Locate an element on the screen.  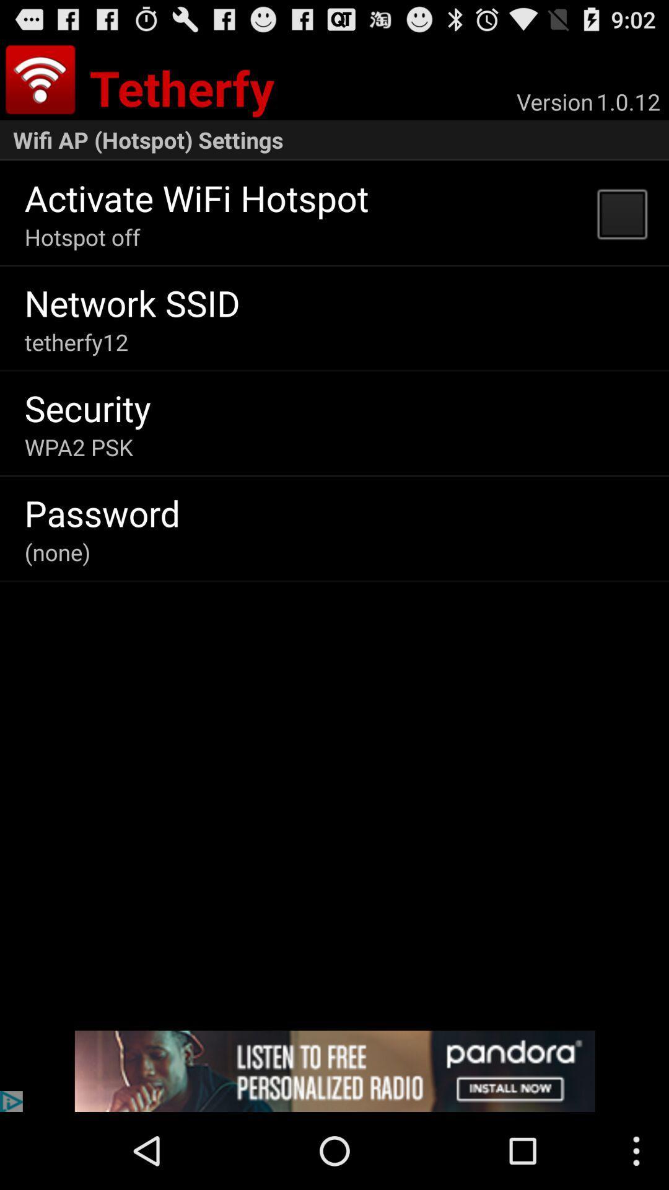
the network ssid is located at coordinates (132, 302).